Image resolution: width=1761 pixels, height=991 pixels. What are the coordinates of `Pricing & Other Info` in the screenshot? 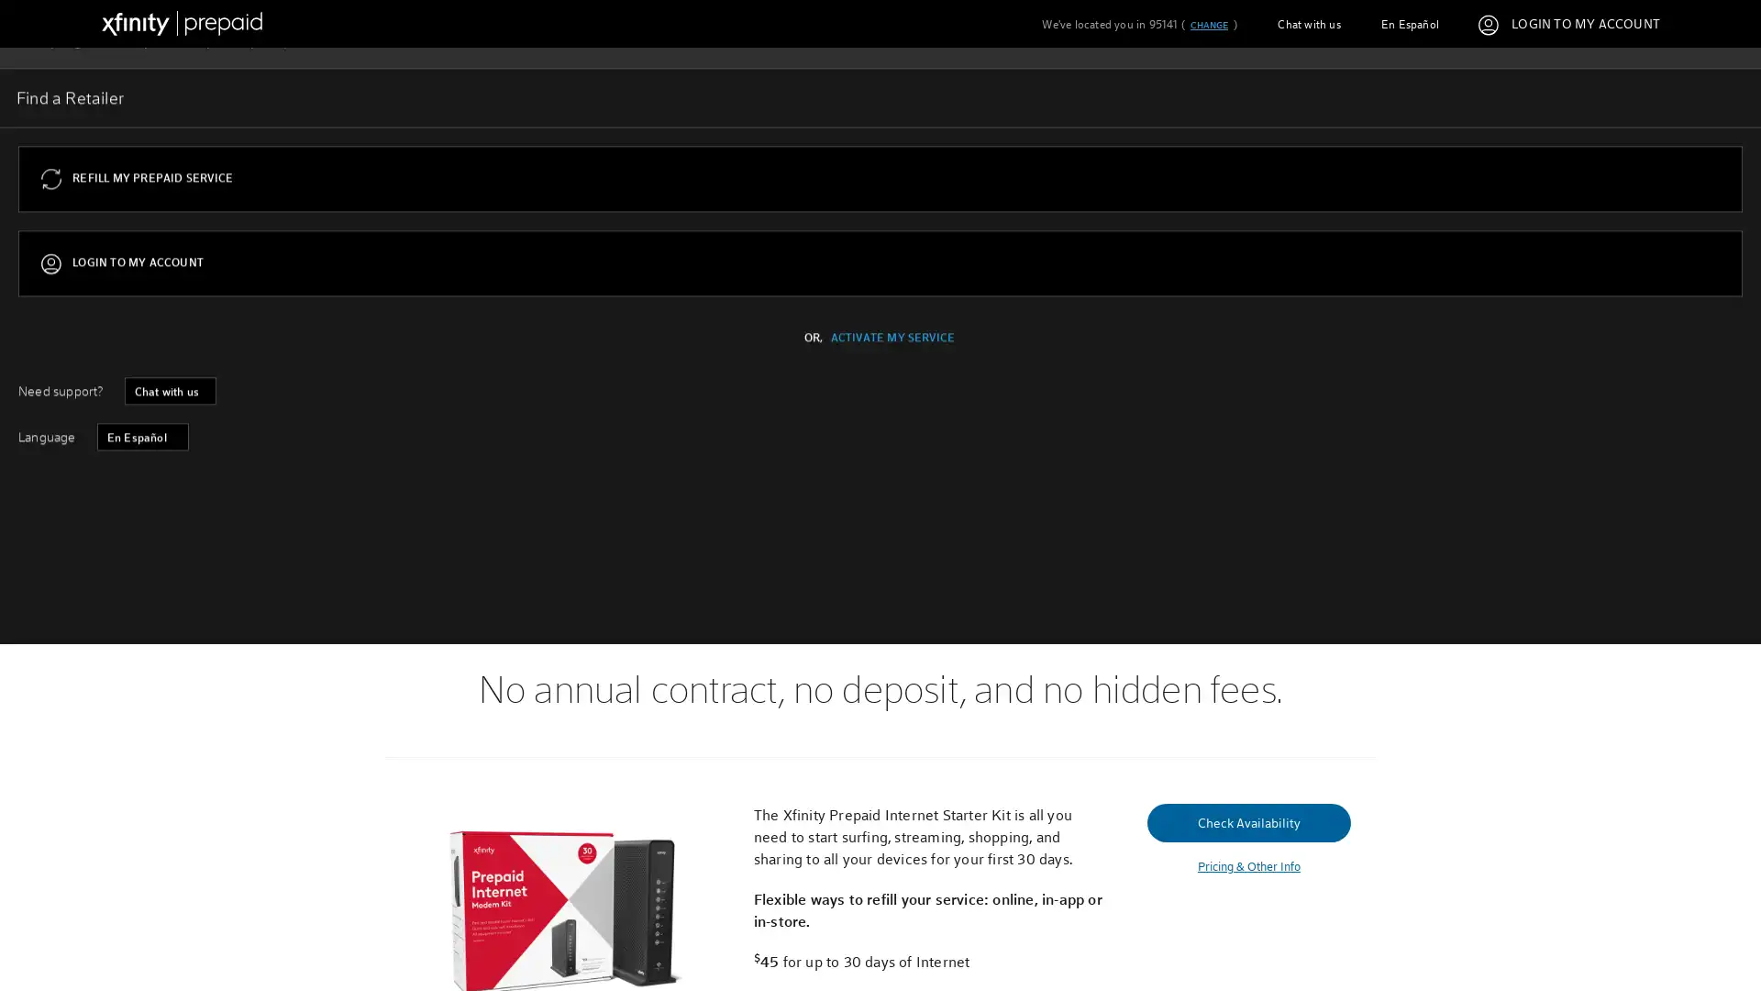 It's located at (487, 471).